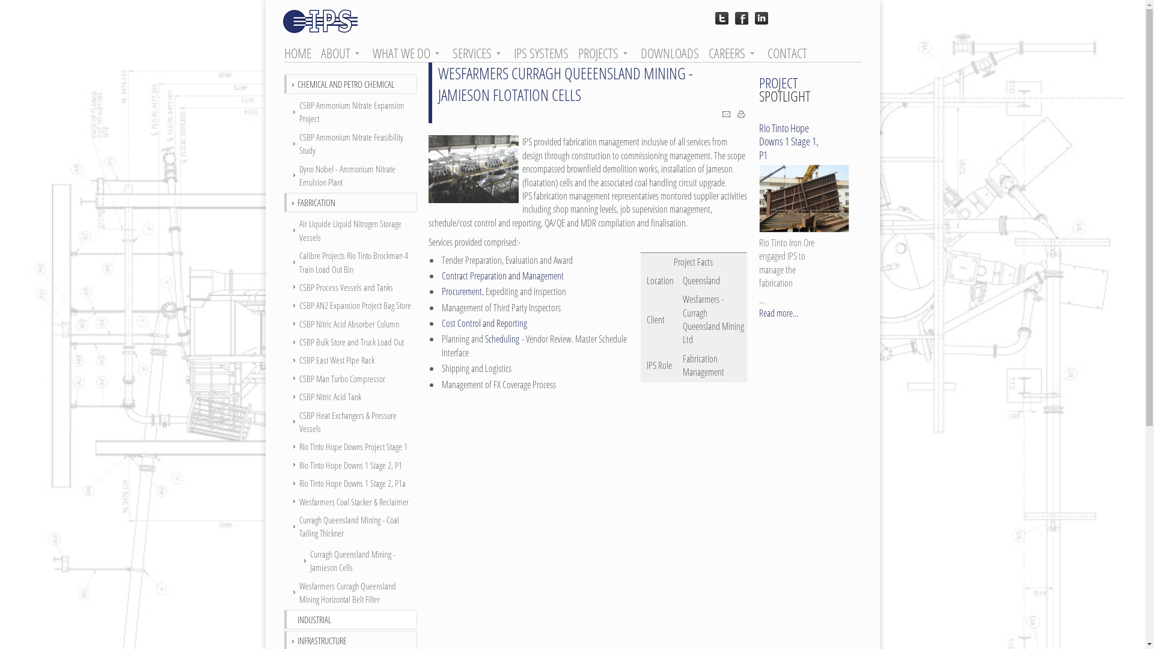 The image size is (1154, 649). Describe the element at coordinates (314, 618) in the screenshot. I see `'INDUSTRIAL'` at that location.